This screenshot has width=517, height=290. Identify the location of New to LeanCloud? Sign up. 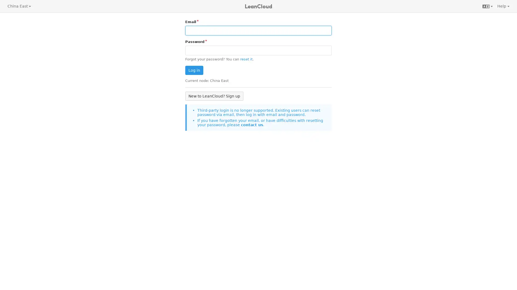
(214, 96).